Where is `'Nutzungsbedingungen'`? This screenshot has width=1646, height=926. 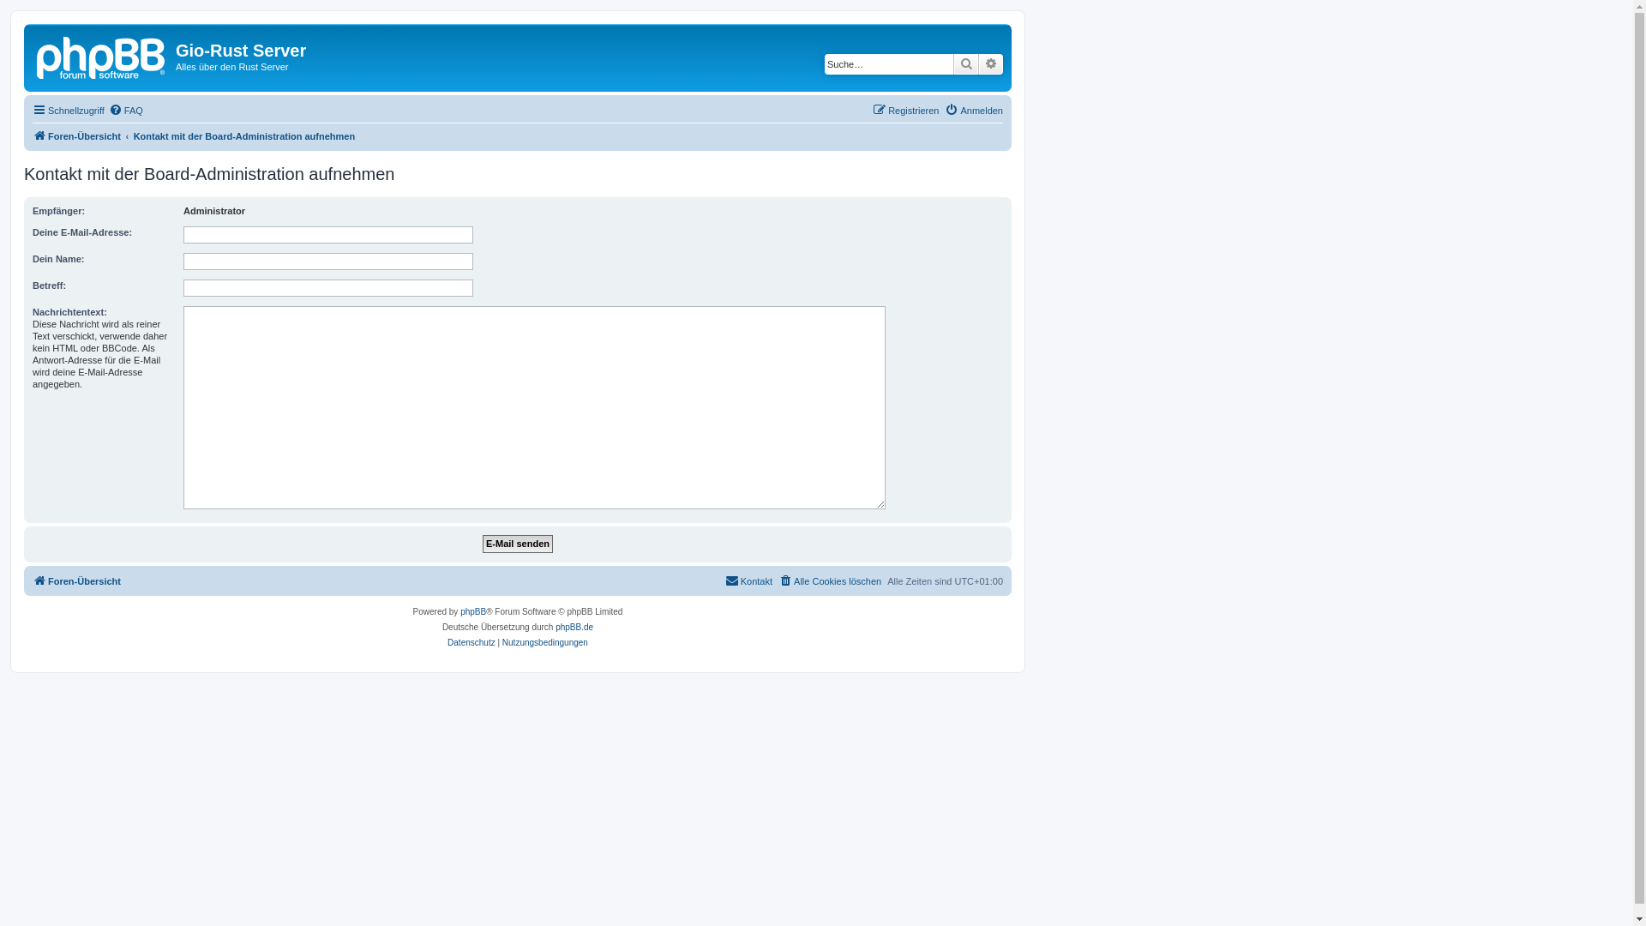
'Nutzungsbedingungen' is located at coordinates (544, 642).